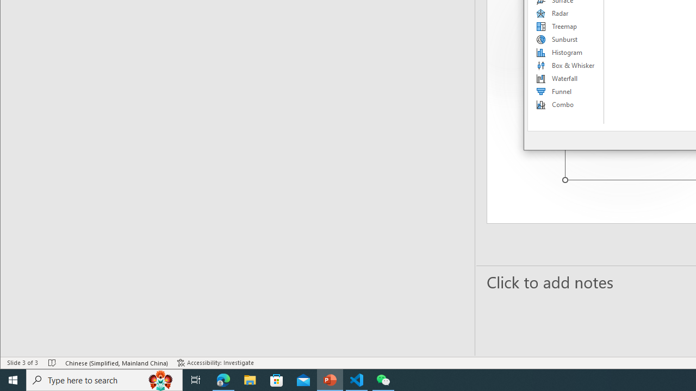 Image resolution: width=696 pixels, height=391 pixels. What do you see at coordinates (565, 26) in the screenshot?
I see `'Treemap'` at bounding box center [565, 26].